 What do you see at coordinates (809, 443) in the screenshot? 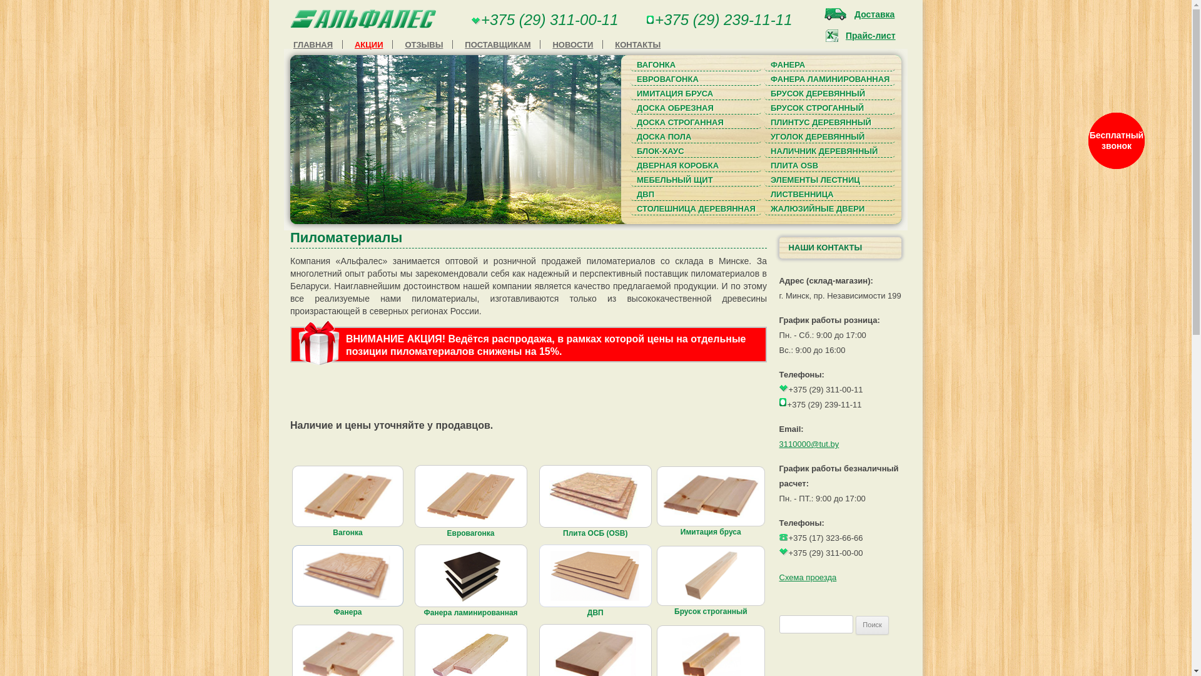
I see `'3110000@tut.by'` at bounding box center [809, 443].